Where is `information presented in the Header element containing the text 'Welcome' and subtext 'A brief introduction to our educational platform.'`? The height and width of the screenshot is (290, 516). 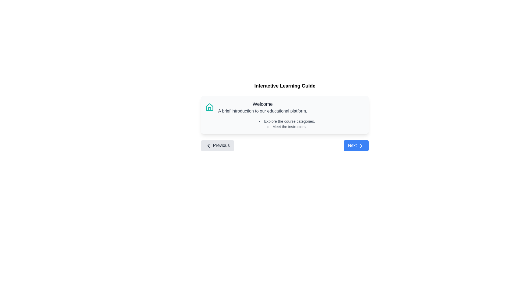
information presented in the Header element containing the text 'Welcome' and subtext 'A brief introduction to our educational platform.' is located at coordinates (285, 107).